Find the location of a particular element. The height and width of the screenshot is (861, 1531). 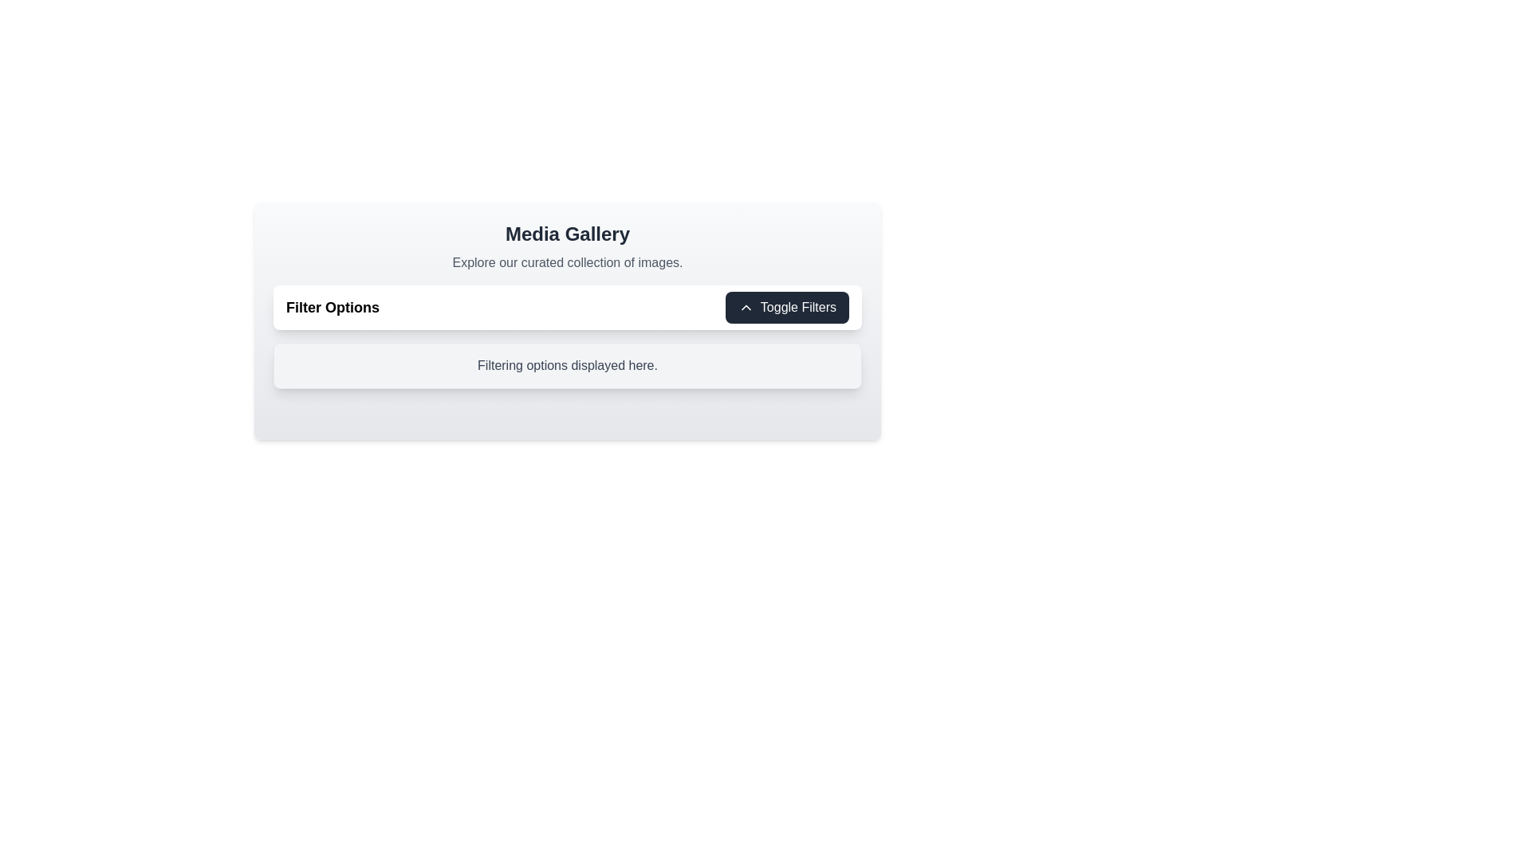

the header text element which serves as the title for the section, positioned above another text element that reads 'Explore our curated collection of images.' is located at coordinates (567, 234).